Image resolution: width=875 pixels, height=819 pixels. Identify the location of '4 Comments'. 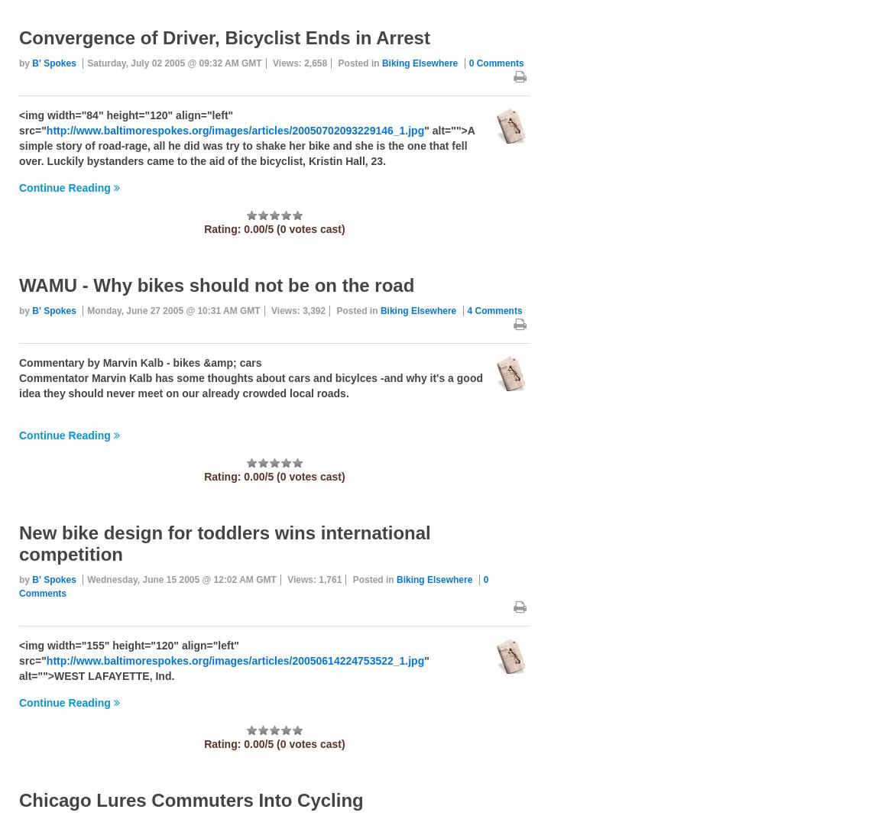
(494, 310).